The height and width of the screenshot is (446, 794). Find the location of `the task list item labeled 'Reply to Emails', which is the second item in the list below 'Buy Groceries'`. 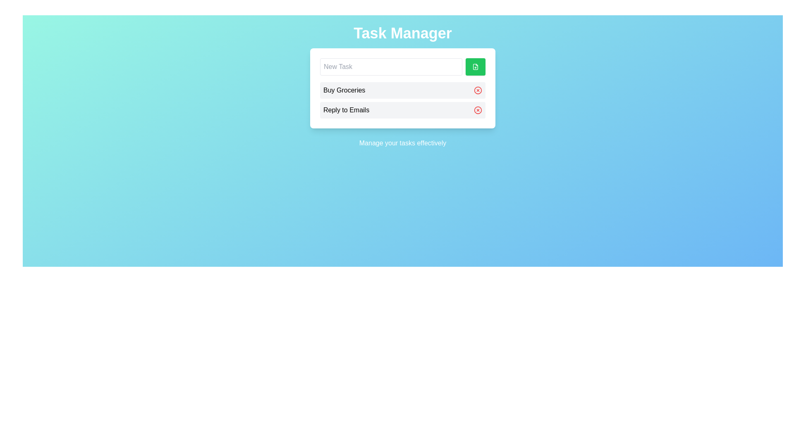

the task list item labeled 'Reply to Emails', which is the second item in the list below 'Buy Groceries' is located at coordinates (403, 109).